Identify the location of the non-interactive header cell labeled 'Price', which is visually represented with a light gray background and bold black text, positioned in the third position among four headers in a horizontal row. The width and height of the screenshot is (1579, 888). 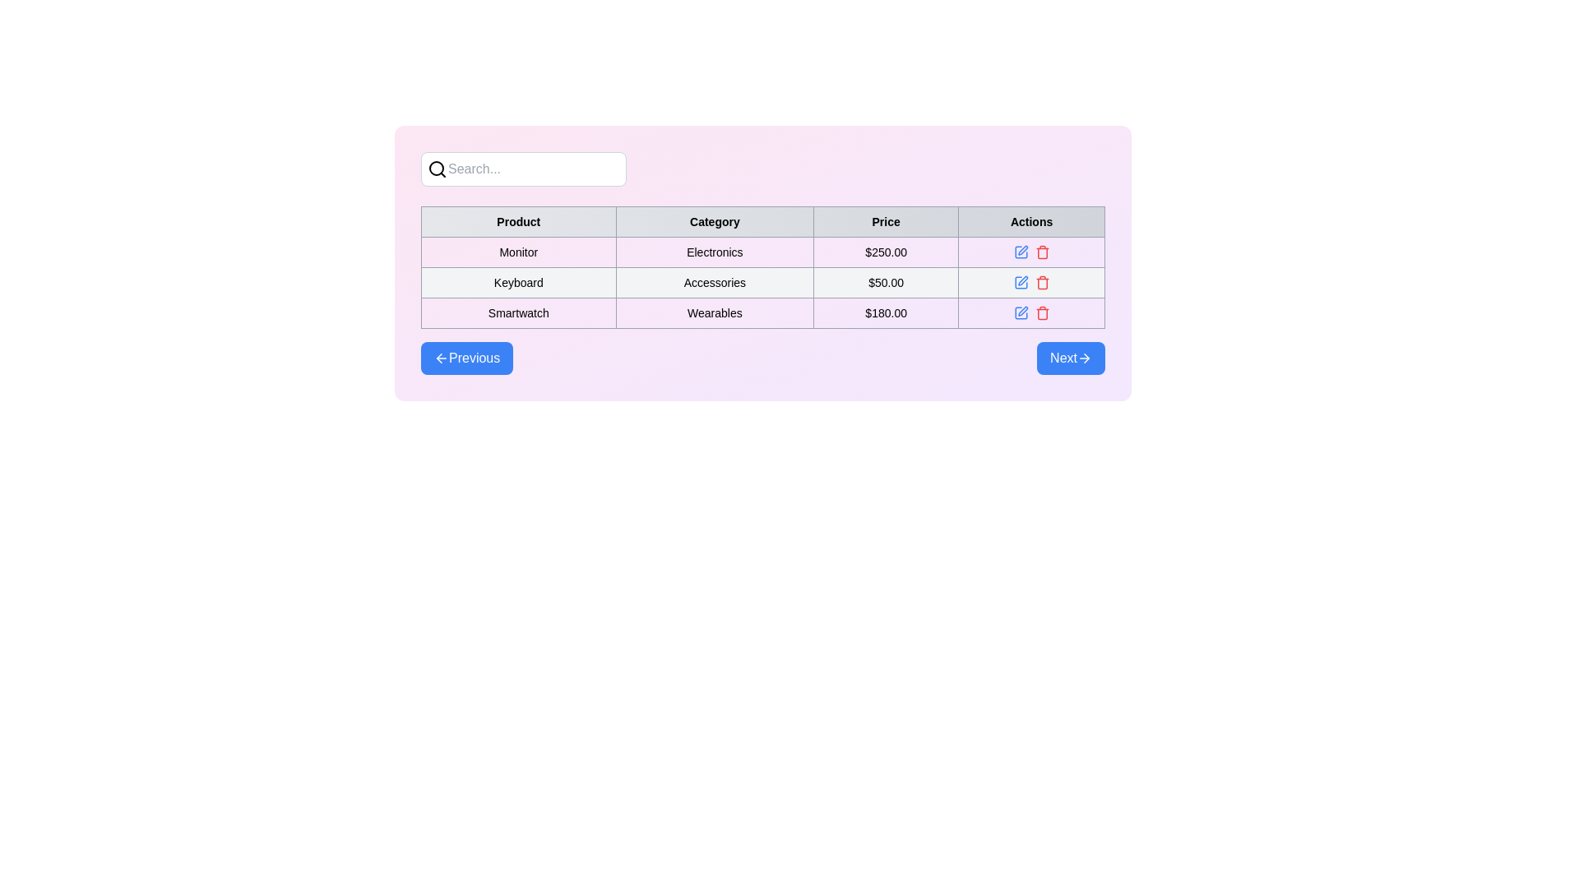
(885, 222).